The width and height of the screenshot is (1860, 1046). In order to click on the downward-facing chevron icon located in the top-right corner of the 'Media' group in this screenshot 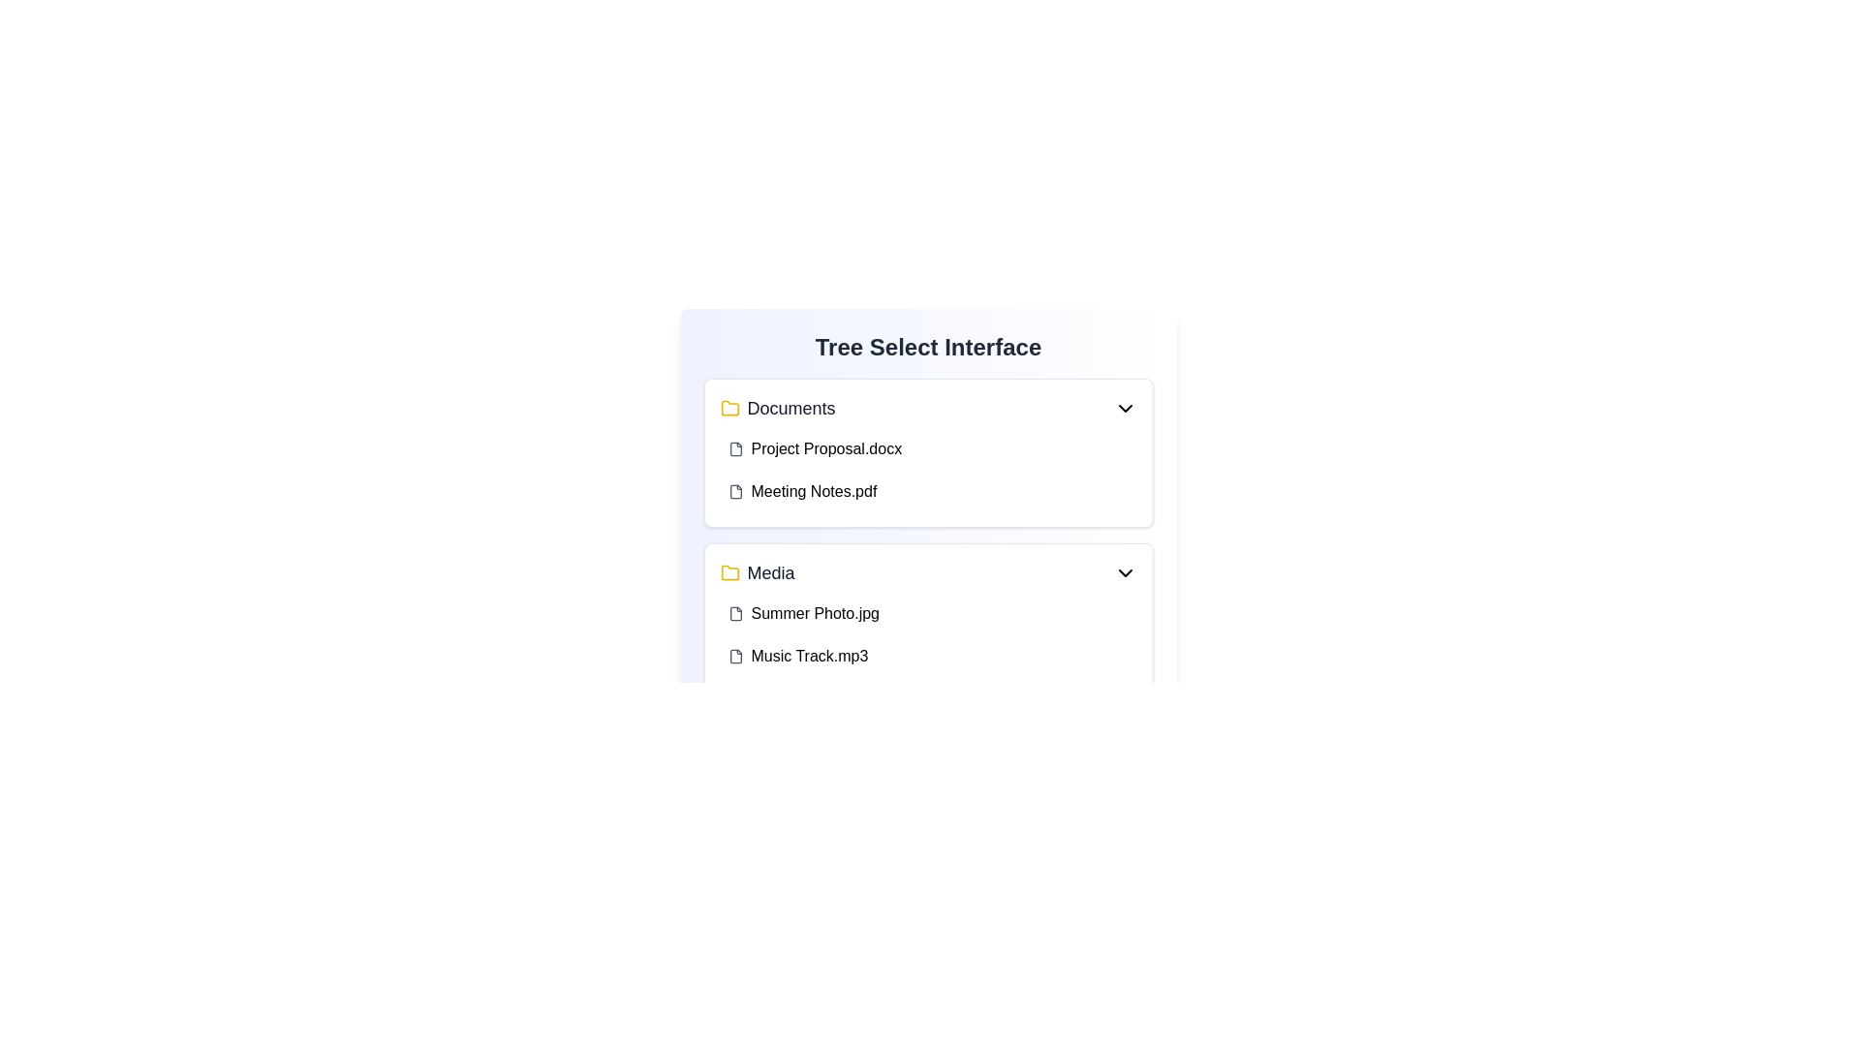, I will do `click(1125, 571)`.